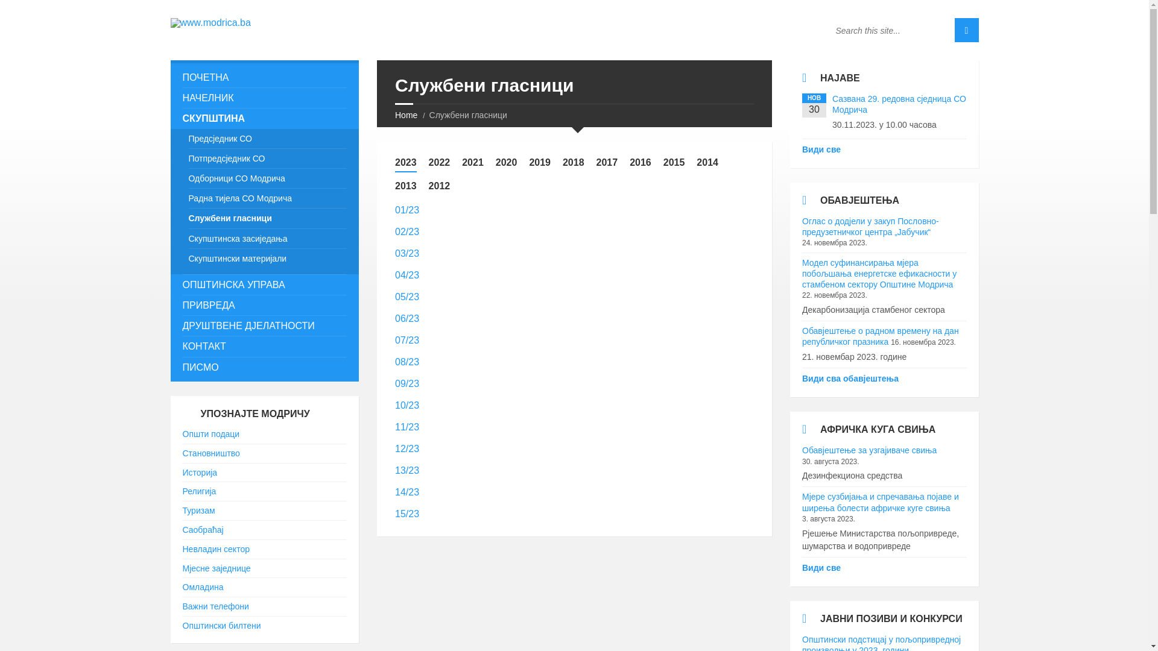 The width and height of the screenshot is (1158, 651). Describe the element at coordinates (407, 448) in the screenshot. I see `'12/23'` at that location.